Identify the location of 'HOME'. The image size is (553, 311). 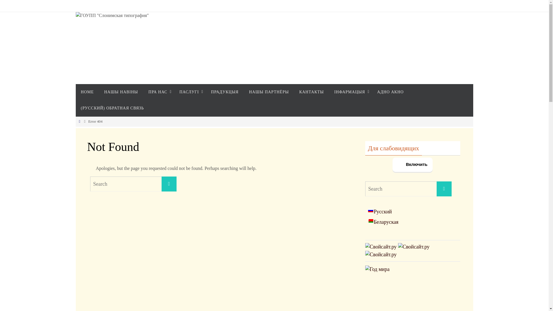
(87, 92).